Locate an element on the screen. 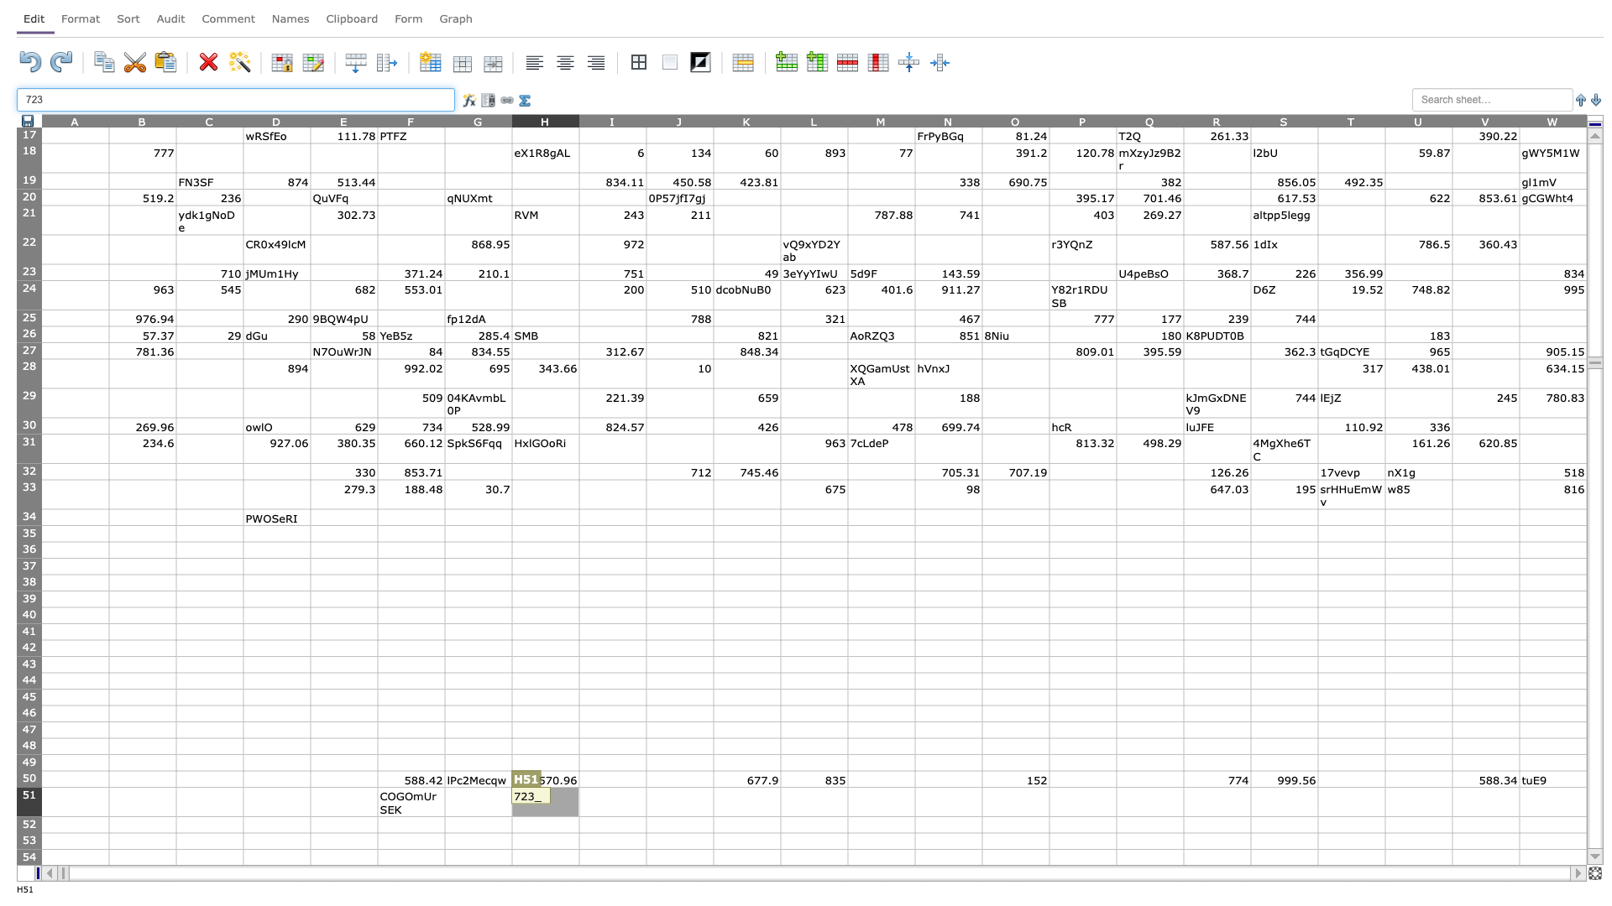 This screenshot has width=1612, height=906. top left at column J row 51 is located at coordinates (645, 787).